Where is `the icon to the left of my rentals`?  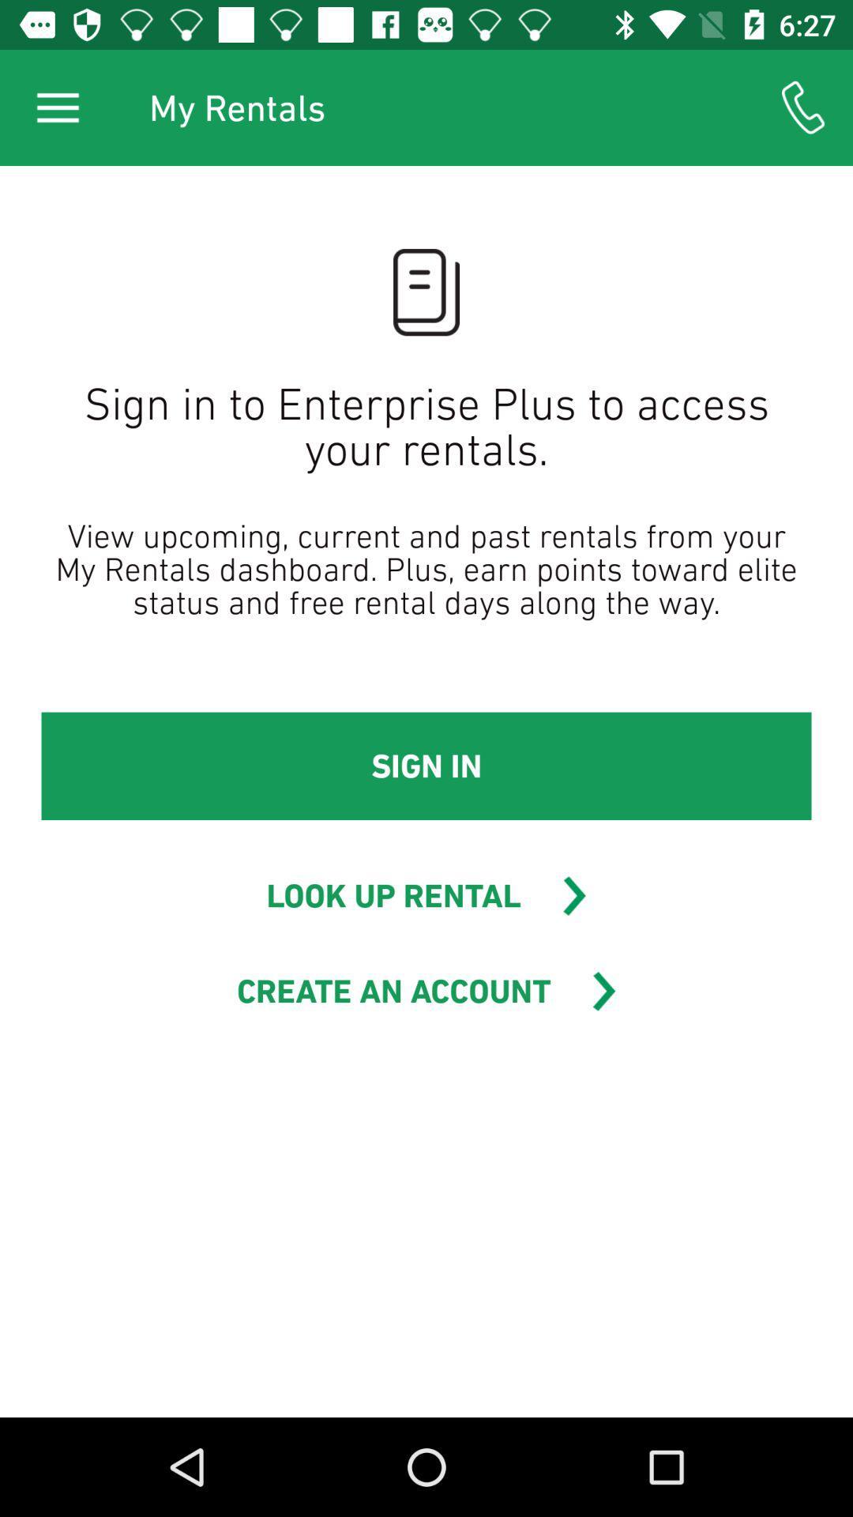
the icon to the left of my rentals is located at coordinates (57, 107).